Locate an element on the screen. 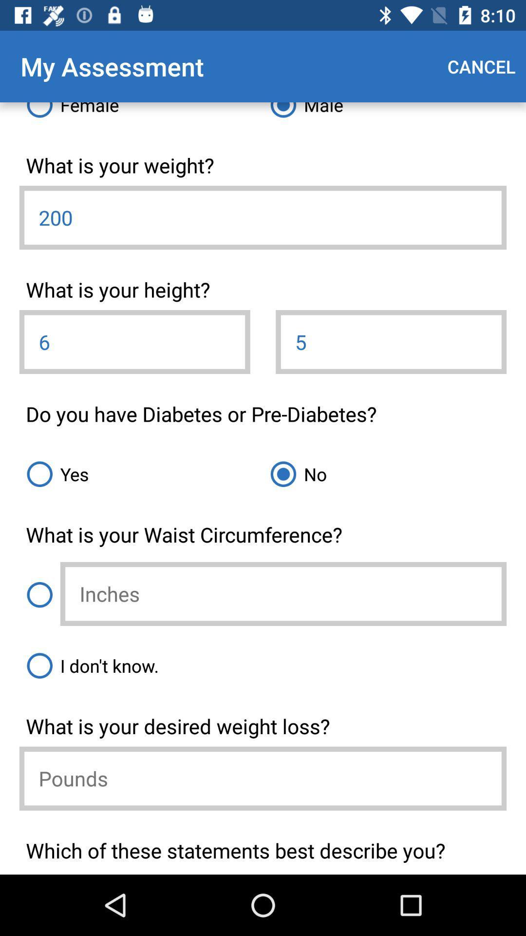  item to the right of yes icon is located at coordinates (384, 474).